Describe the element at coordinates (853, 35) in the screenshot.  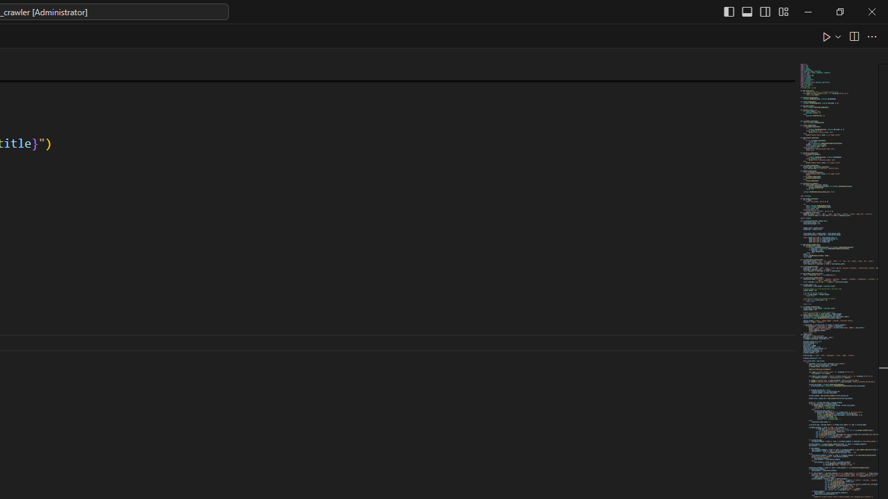
I see `'Split Editor Right (Ctrl+\) [Alt] Split Editor Down'` at that location.